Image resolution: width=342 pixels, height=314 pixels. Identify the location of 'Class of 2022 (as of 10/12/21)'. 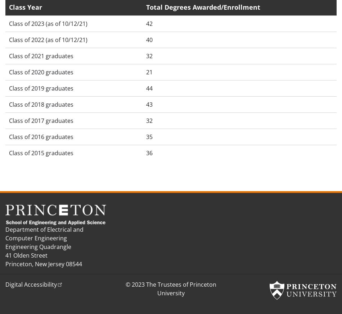
(48, 40).